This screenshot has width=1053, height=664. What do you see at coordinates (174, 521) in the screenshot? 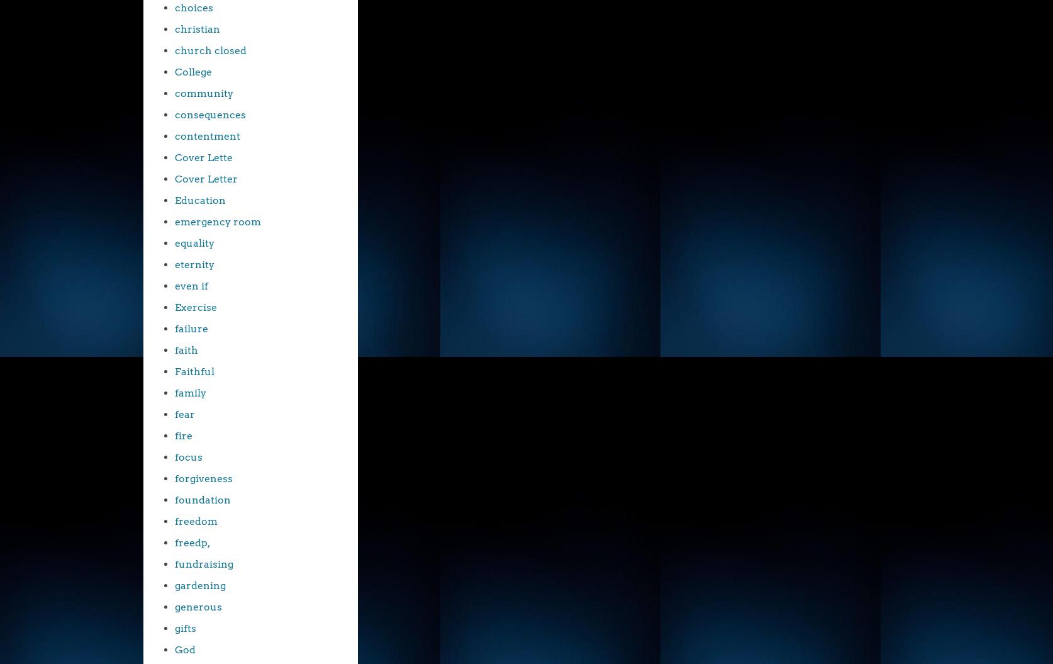
I see `'freedom'` at bounding box center [174, 521].